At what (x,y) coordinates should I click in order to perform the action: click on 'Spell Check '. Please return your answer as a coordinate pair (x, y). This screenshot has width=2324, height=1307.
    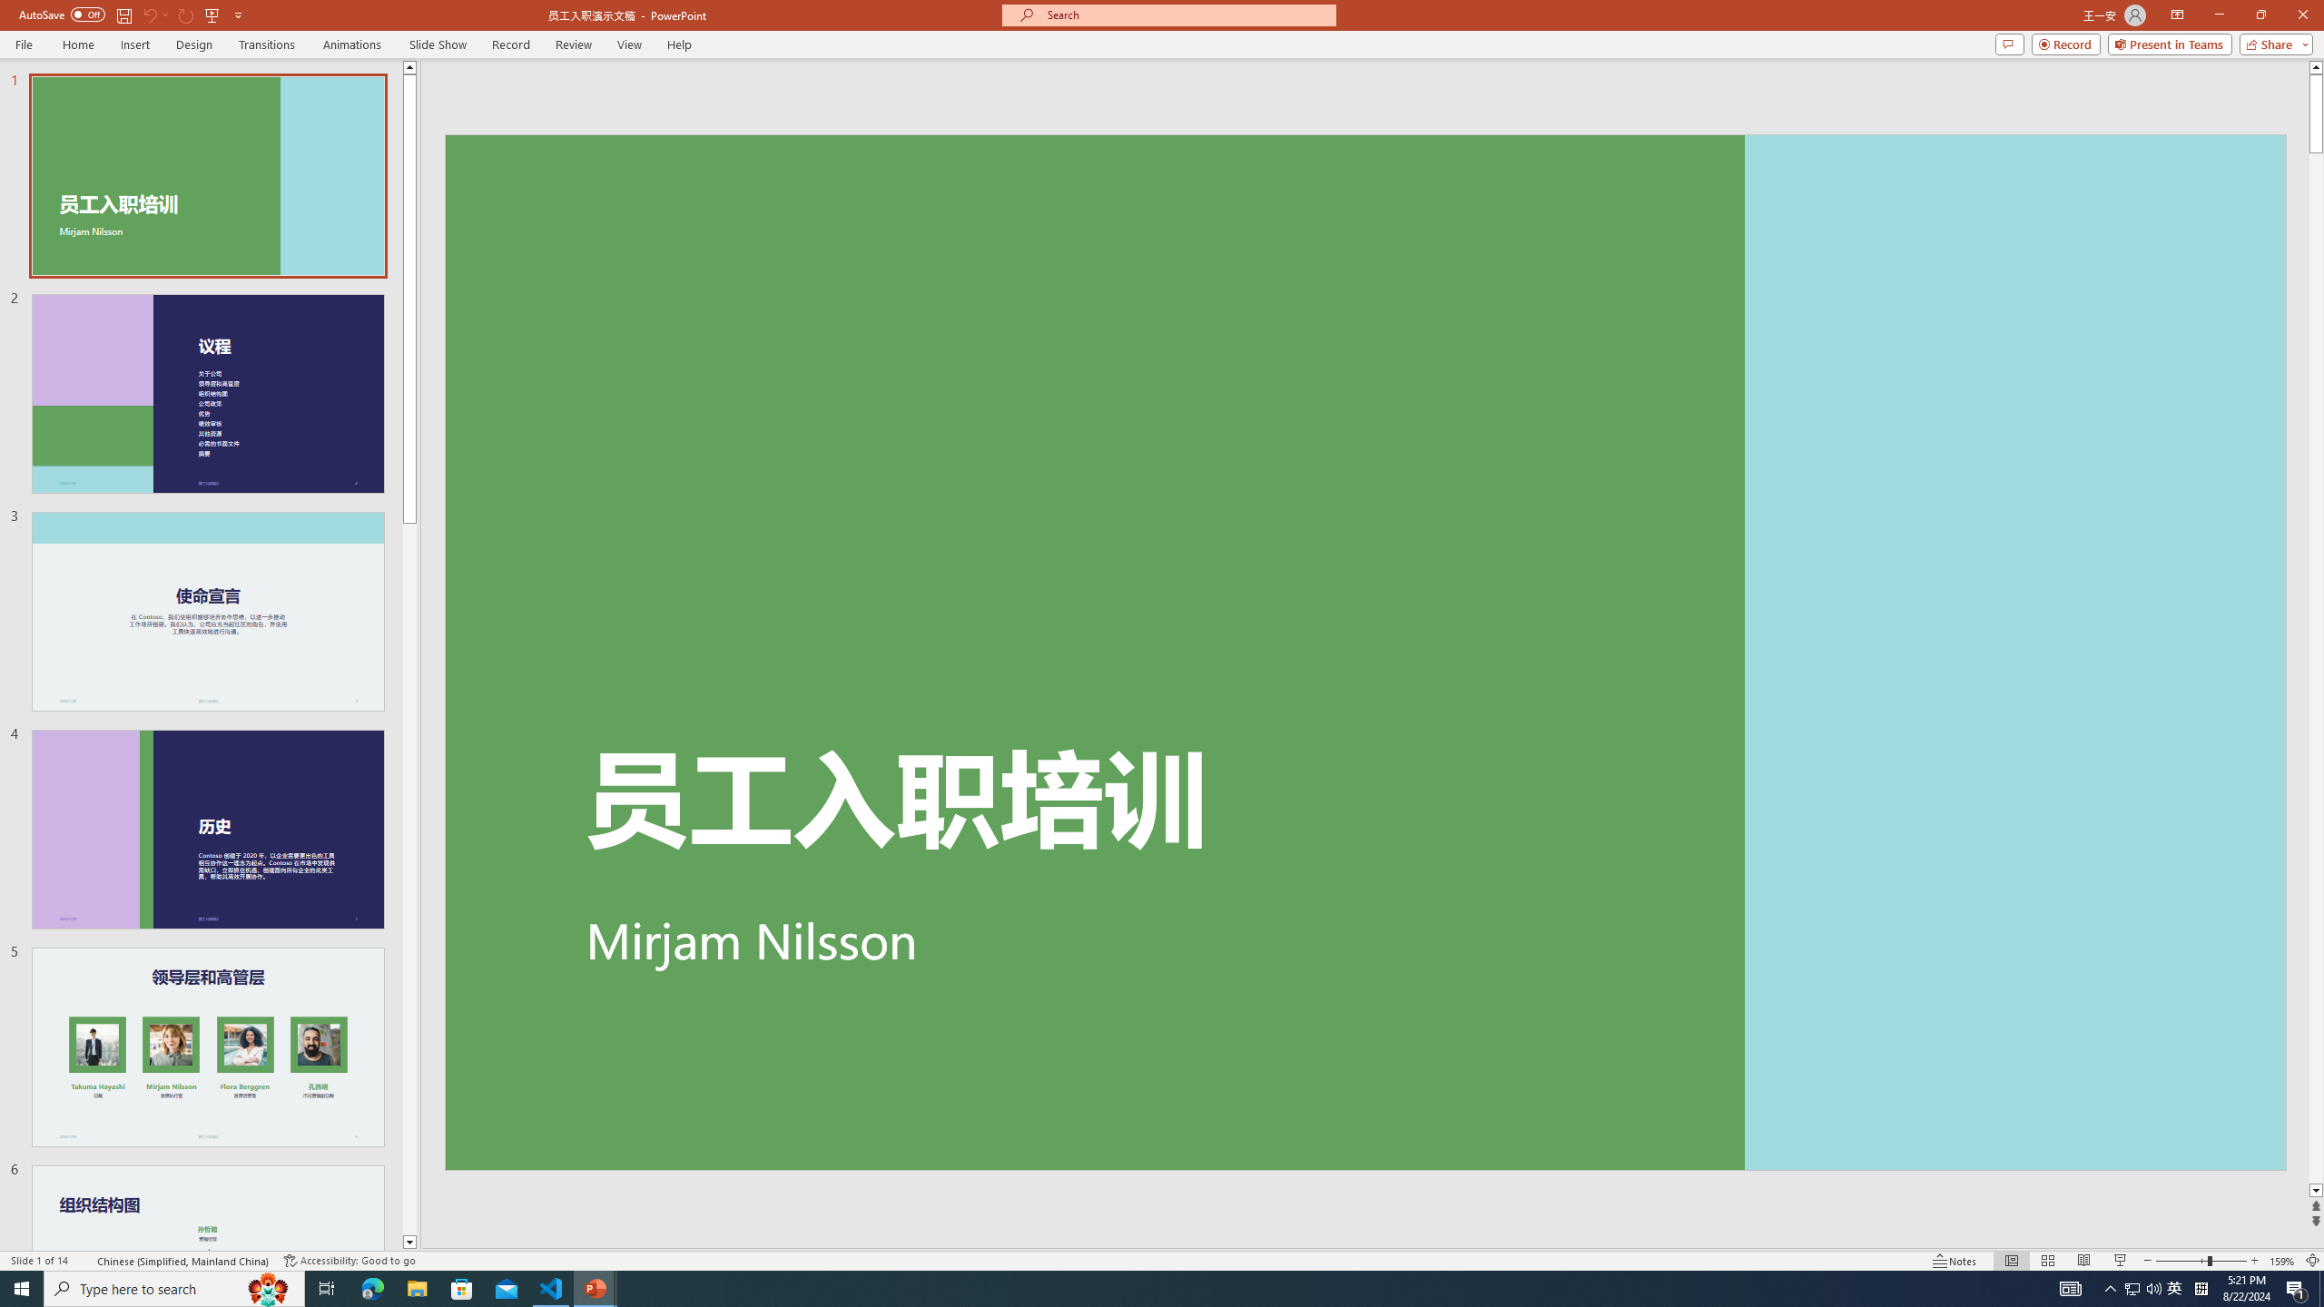
    Looking at the image, I should click on (84, 1261).